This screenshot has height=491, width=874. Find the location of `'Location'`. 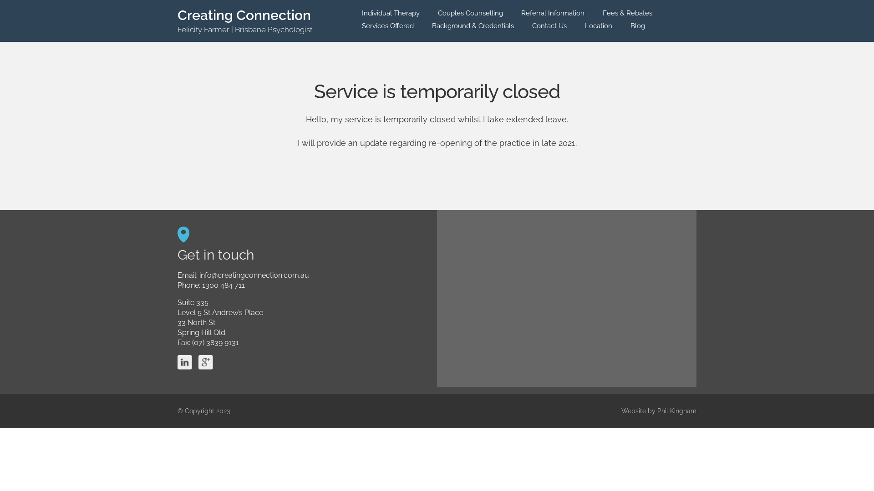

'Location' is located at coordinates (585, 27).